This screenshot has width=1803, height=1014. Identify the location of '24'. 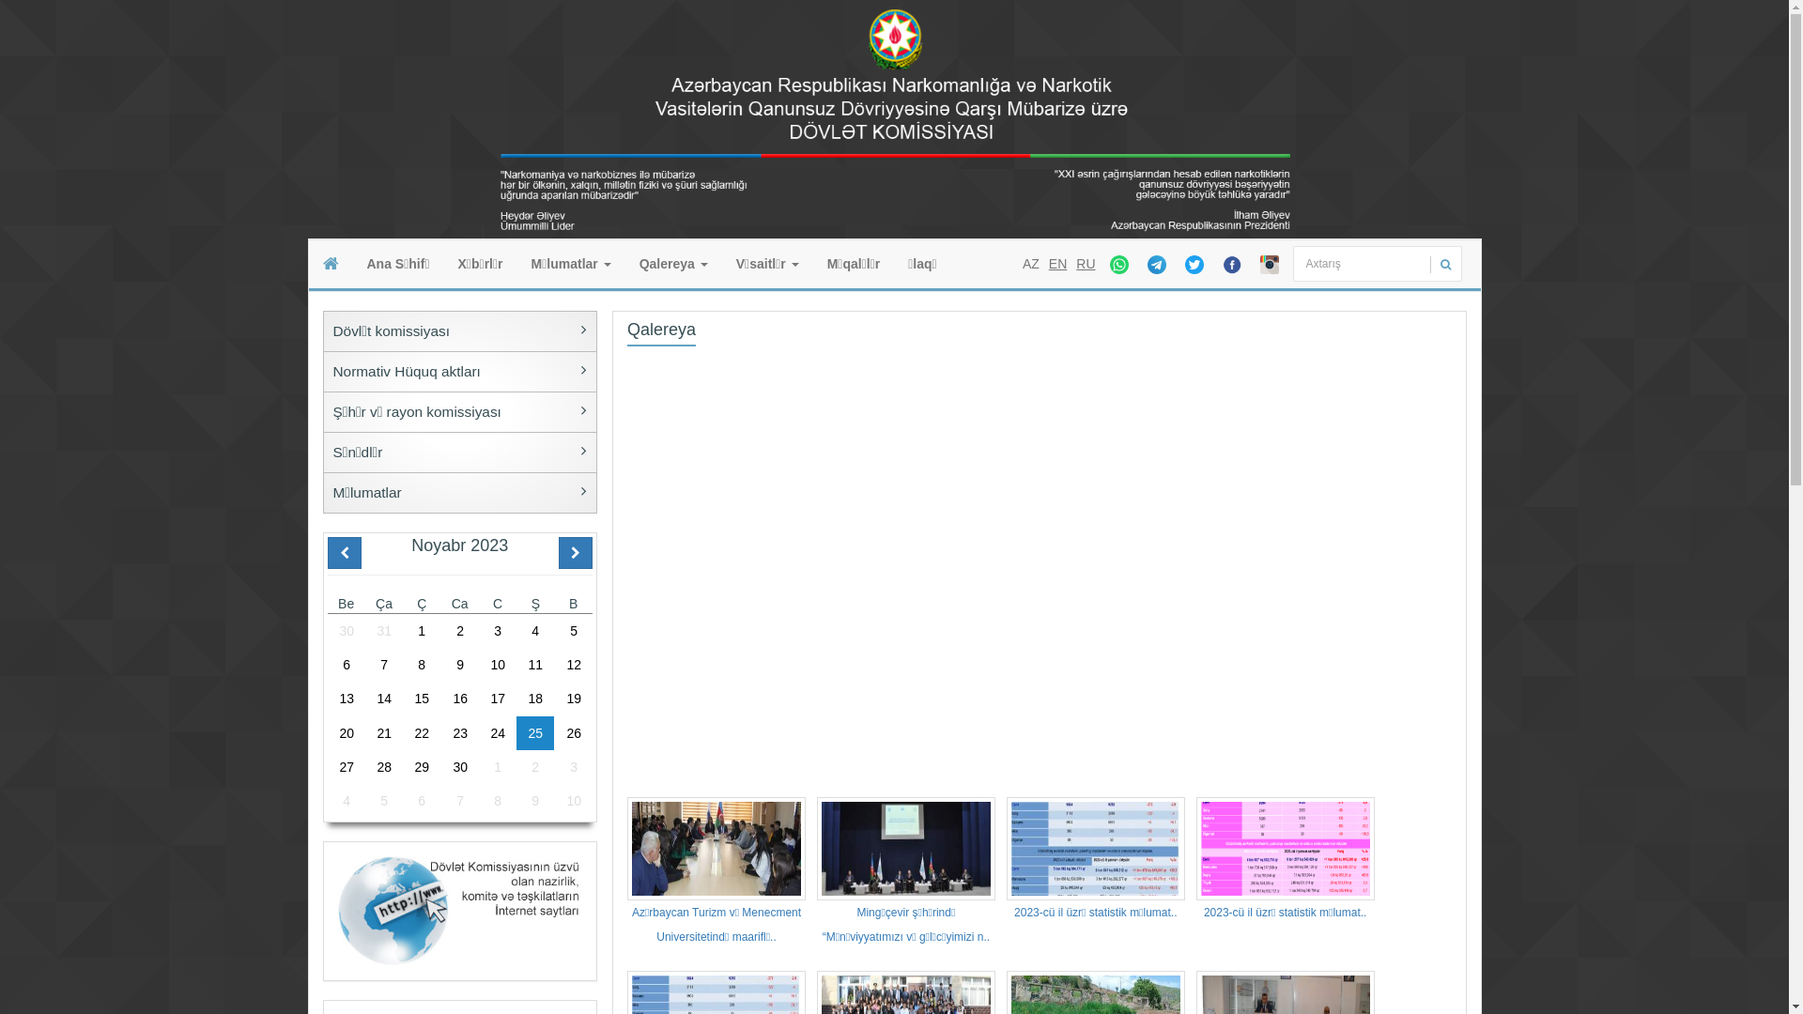
(497, 731).